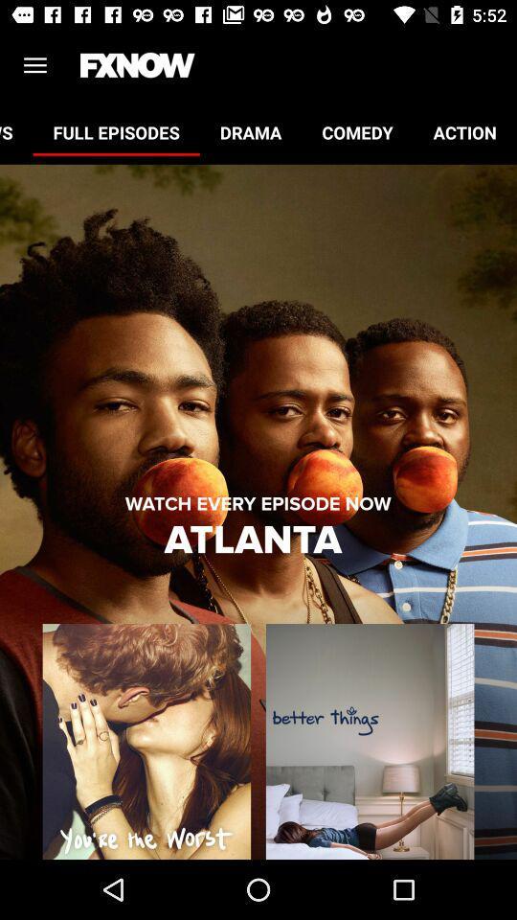  What do you see at coordinates (357, 131) in the screenshot?
I see `icon next to the action icon` at bounding box center [357, 131].